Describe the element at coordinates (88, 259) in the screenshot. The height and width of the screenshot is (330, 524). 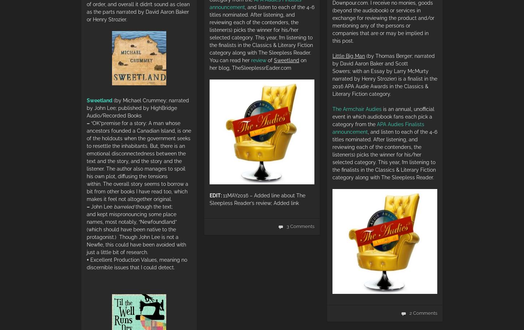
I see `'+'` at that location.